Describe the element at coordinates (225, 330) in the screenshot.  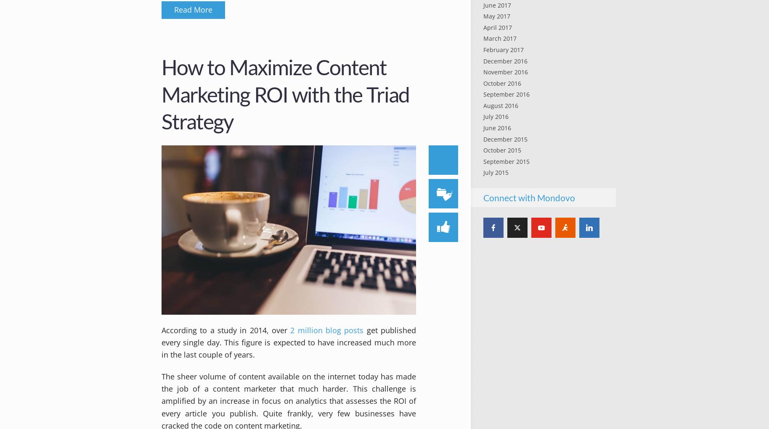
I see `'According to a study in 2014, over'` at that location.